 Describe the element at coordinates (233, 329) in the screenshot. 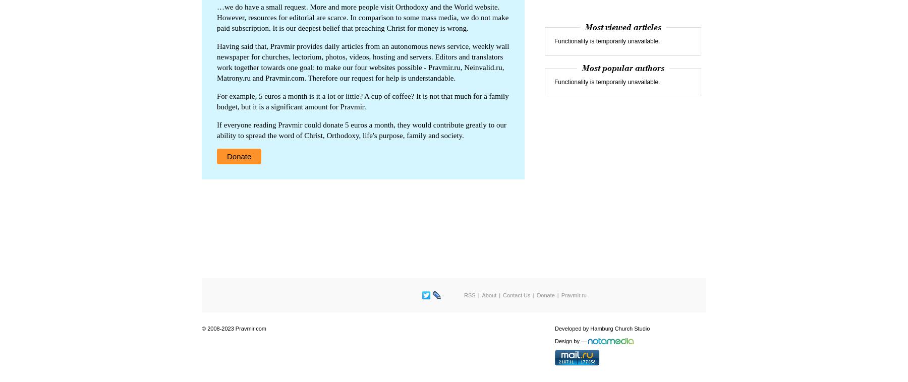

I see `'© 2008-2023 Pravmir.com'` at that location.